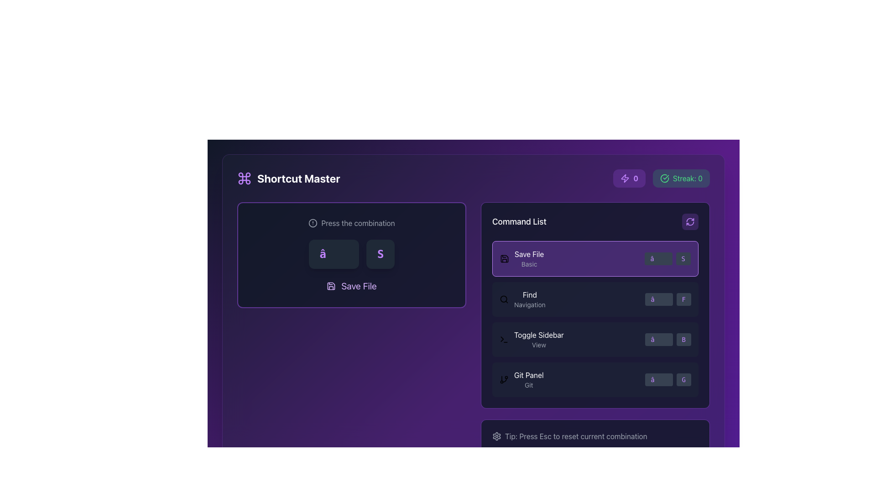 This screenshot has width=876, height=493. Describe the element at coordinates (668, 299) in the screenshot. I see `the keyboard shortcut representation for '⌘' and 'F' located in the 'Command List' panel` at that location.